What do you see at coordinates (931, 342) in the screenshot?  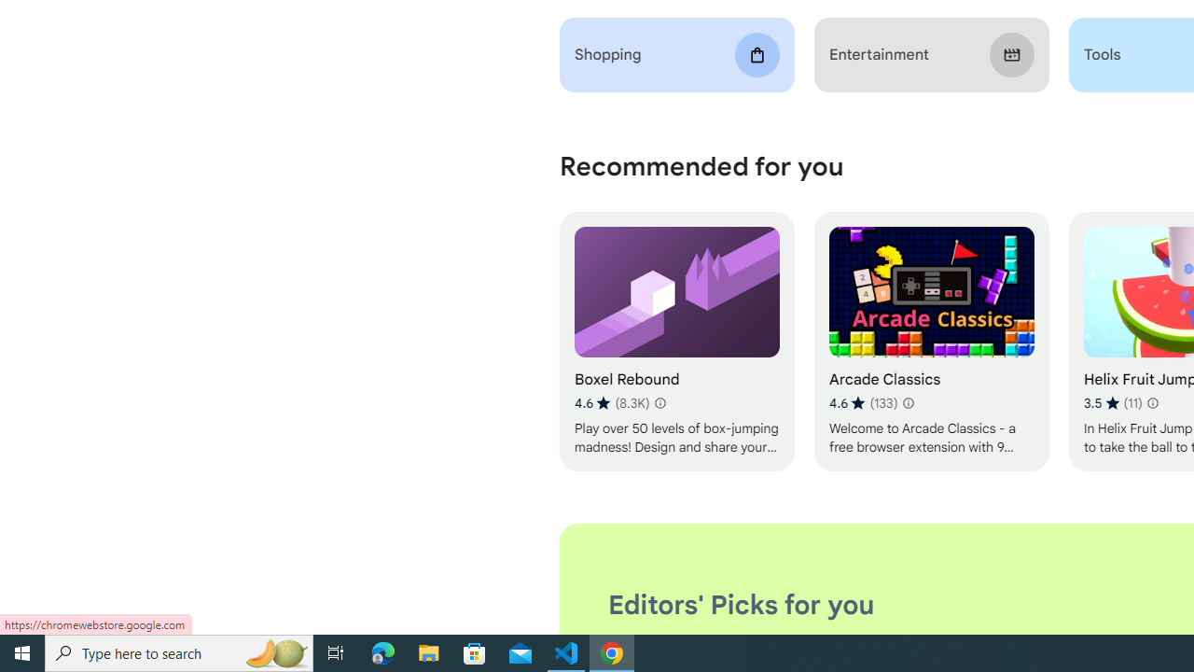 I see `'Arcade Classics'` at bounding box center [931, 342].